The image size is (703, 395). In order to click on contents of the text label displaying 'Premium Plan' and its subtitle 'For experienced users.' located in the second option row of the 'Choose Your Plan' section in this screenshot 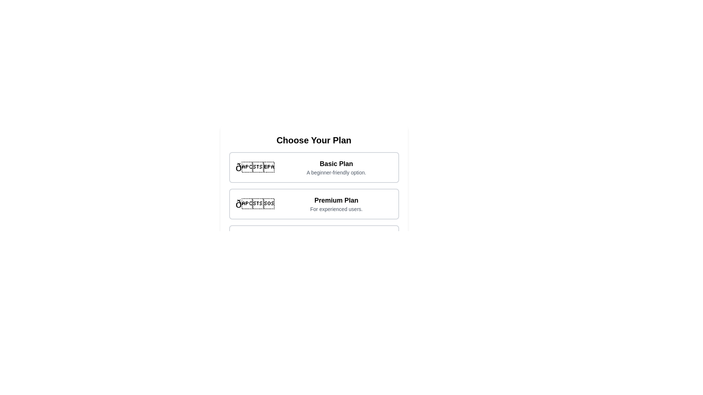, I will do `click(336, 204)`.